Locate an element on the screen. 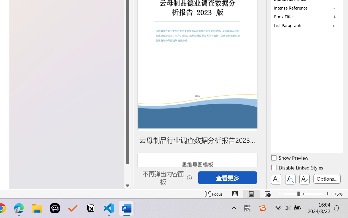 This screenshot has height=218, width=348. 'List Paragraph' is located at coordinates (307, 25).